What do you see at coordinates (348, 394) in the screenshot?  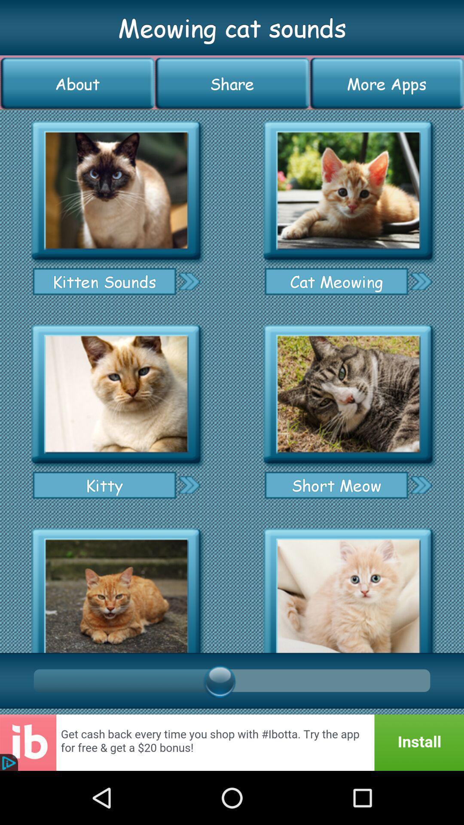 I see `expand photo` at bounding box center [348, 394].